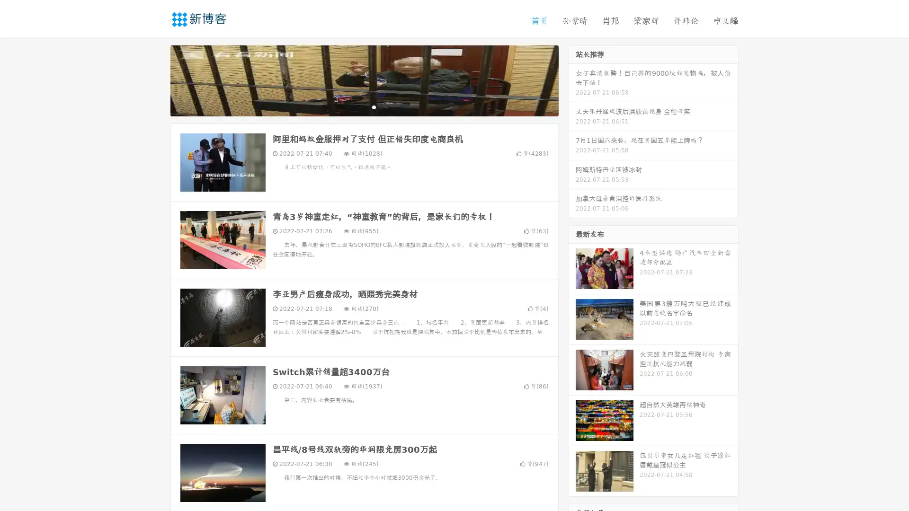 This screenshot has width=909, height=511. What do you see at coordinates (354, 106) in the screenshot?
I see `Go to slide 1` at bounding box center [354, 106].